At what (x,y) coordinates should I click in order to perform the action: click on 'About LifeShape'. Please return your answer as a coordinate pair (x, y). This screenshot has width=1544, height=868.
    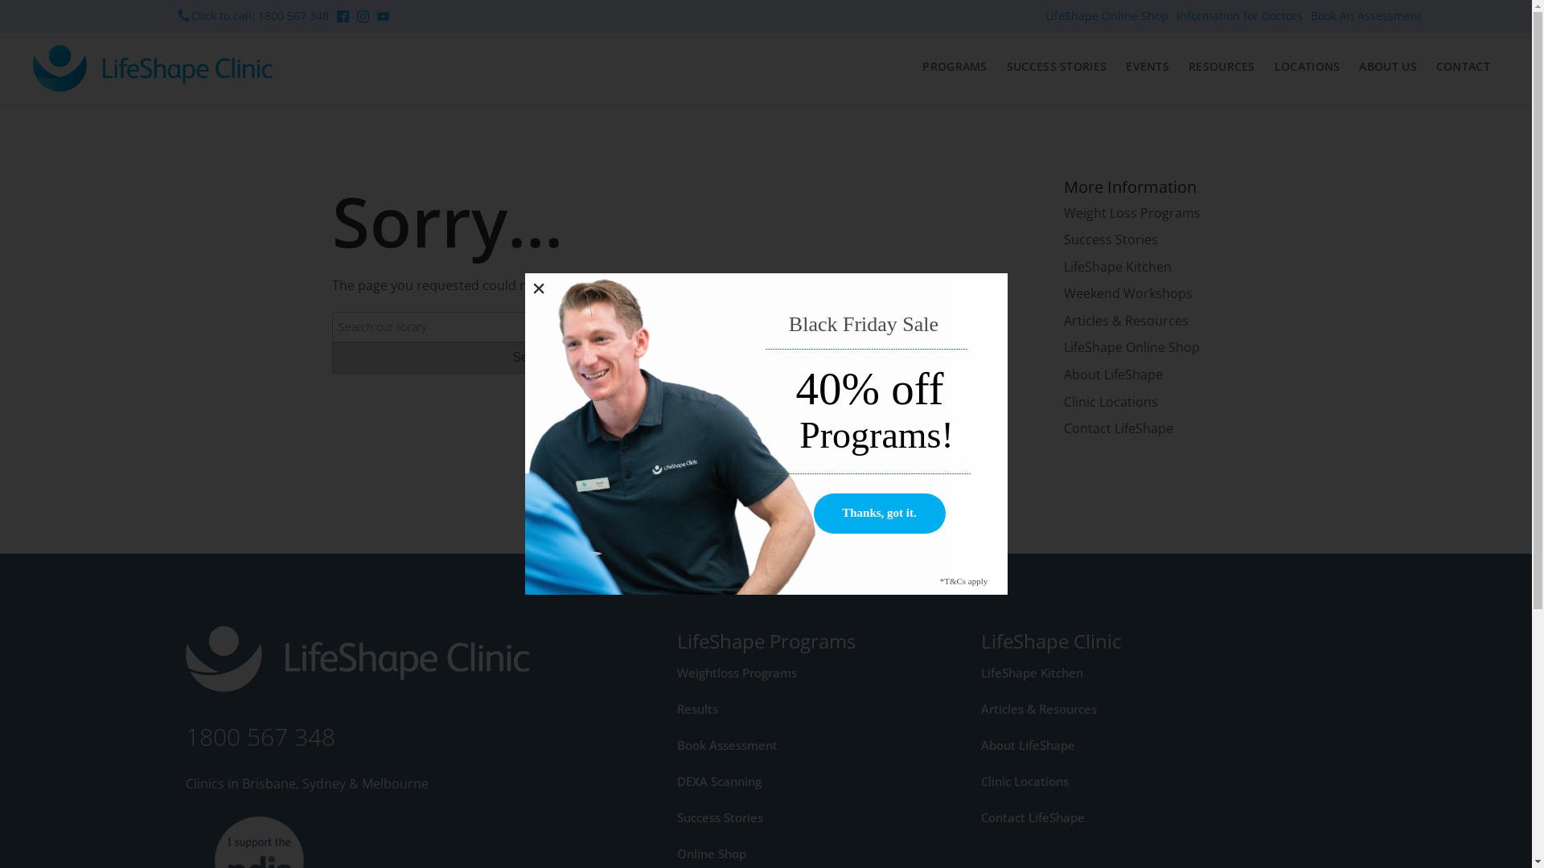
    Looking at the image, I should click on (1111, 375).